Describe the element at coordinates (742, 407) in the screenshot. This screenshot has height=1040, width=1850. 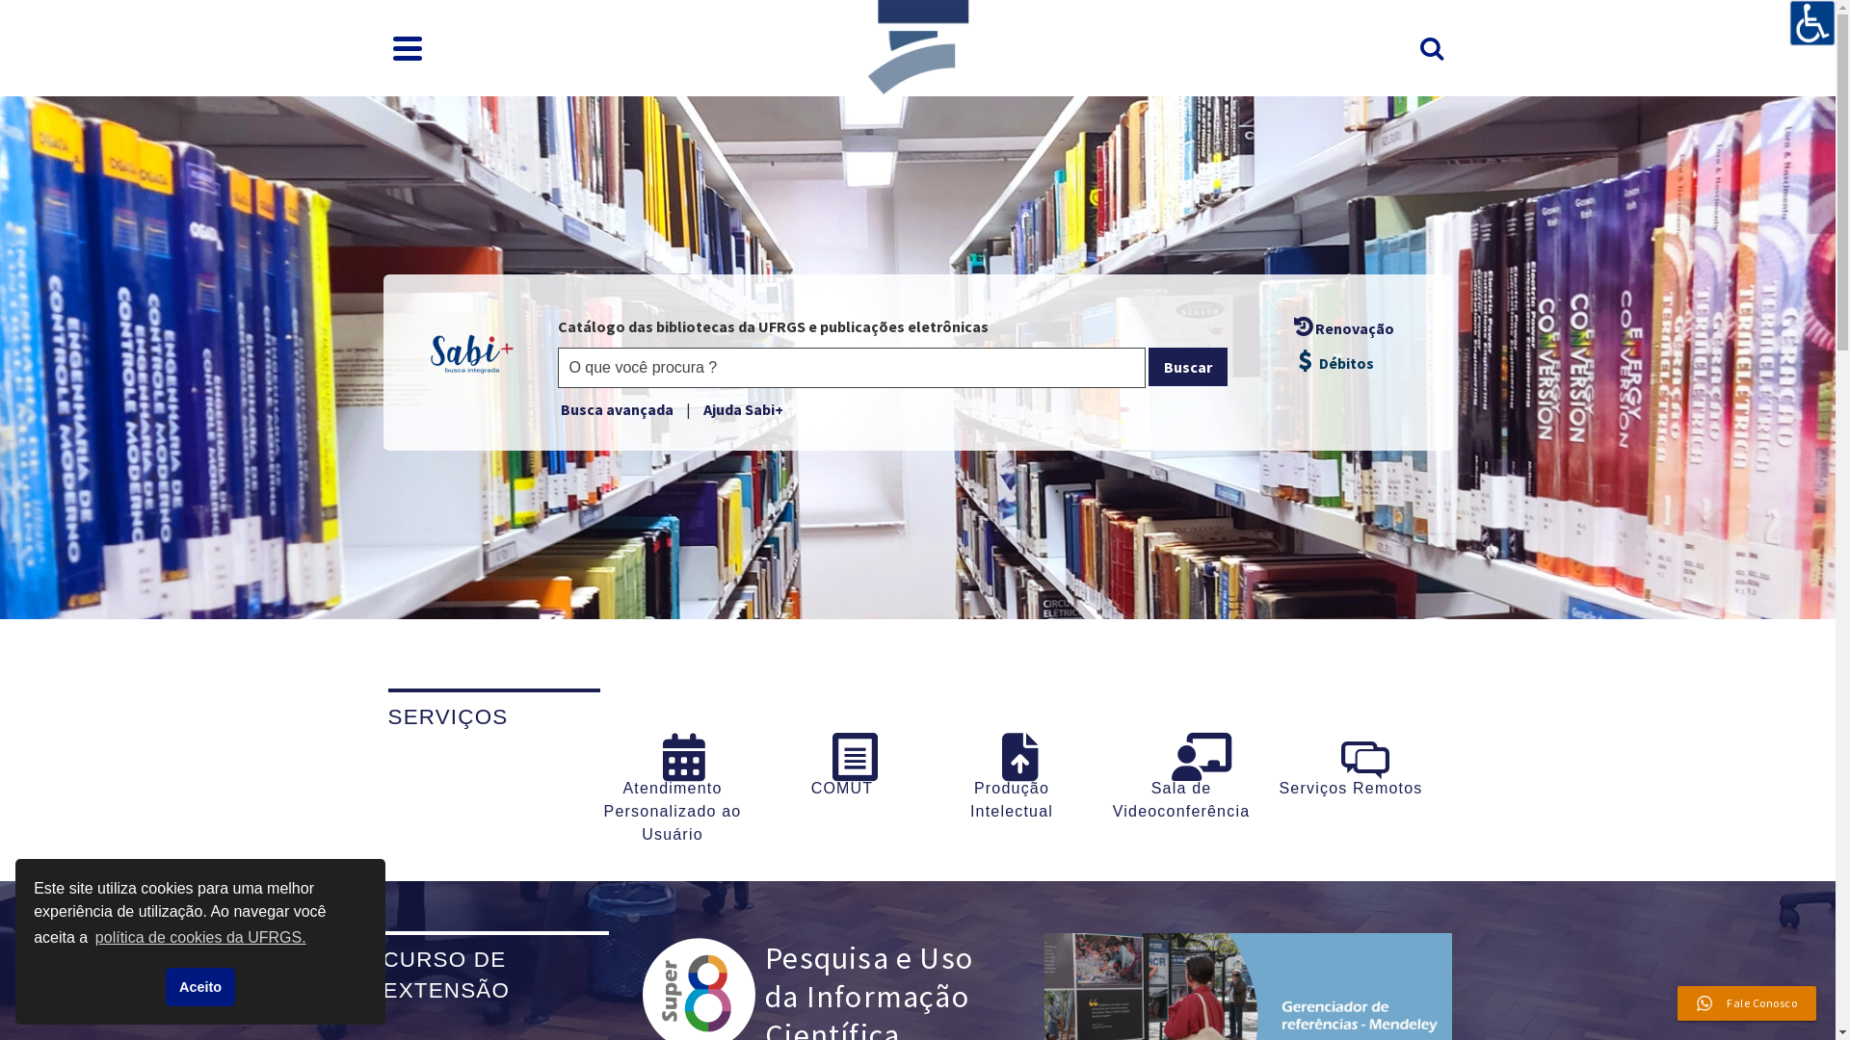
I see `'Ajuda Sabi+'` at that location.